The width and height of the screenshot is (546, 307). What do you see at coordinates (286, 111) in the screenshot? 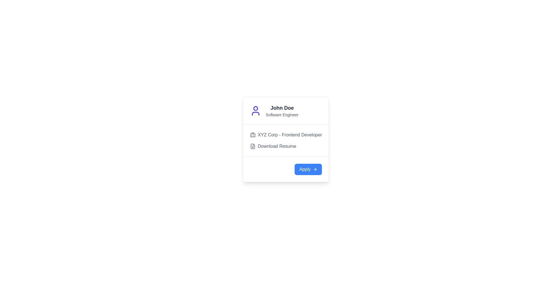
I see `name 'John Doe' and job title 'Software Engineer' from the Profile header, which features an indigo circular avatar on the left and is positioned at the upper section of a card component` at bounding box center [286, 111].